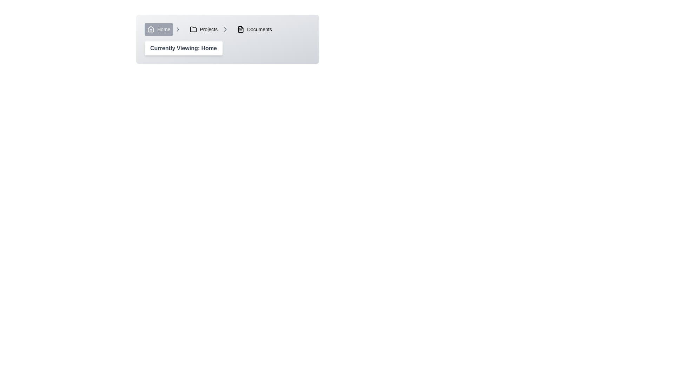  What do you see at coordinates (207, 29) in the screenshot?
I see `the 'Projects' navigation link in the breadcrumb navigation bar` at bounding box center [207, 29].